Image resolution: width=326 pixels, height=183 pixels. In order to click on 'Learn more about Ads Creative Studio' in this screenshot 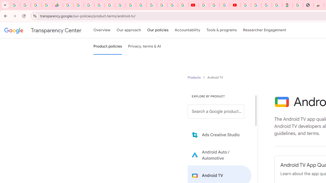, I will do `click(220, 135)`.